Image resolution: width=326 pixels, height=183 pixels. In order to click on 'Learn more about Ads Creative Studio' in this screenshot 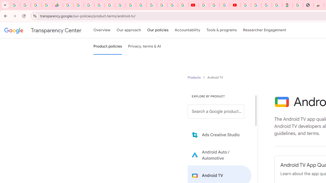, I will do `click(220, 135)`.